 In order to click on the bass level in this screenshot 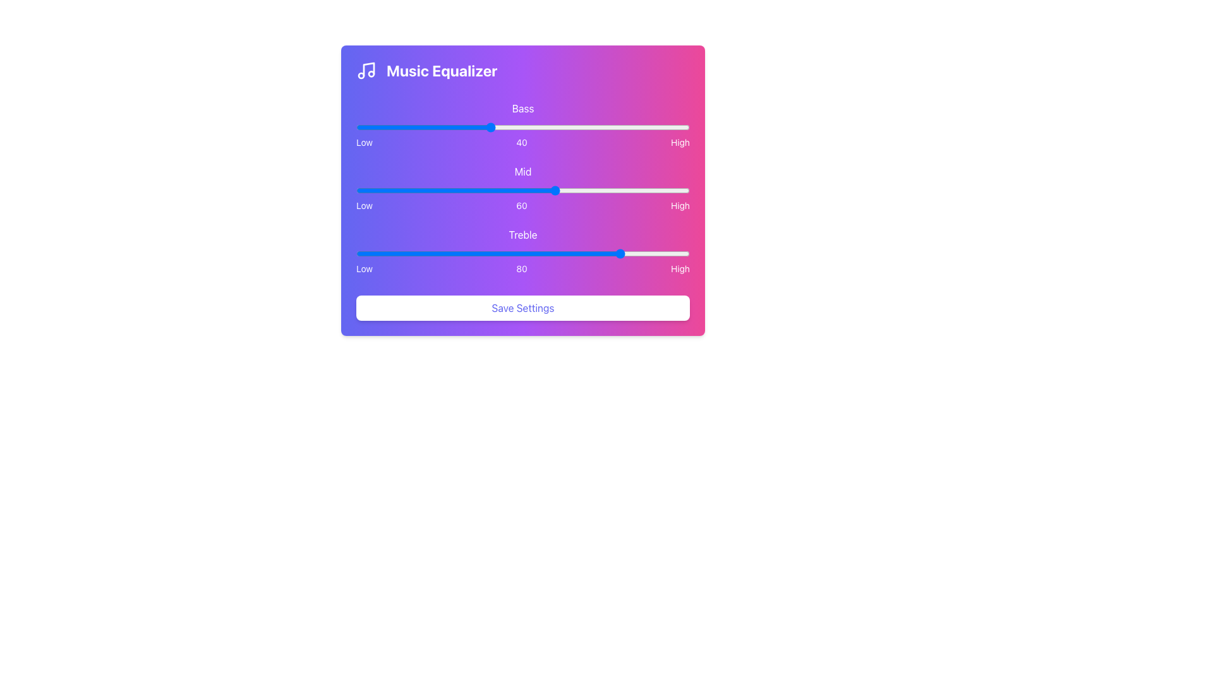, I will do `click(419, 127)`.